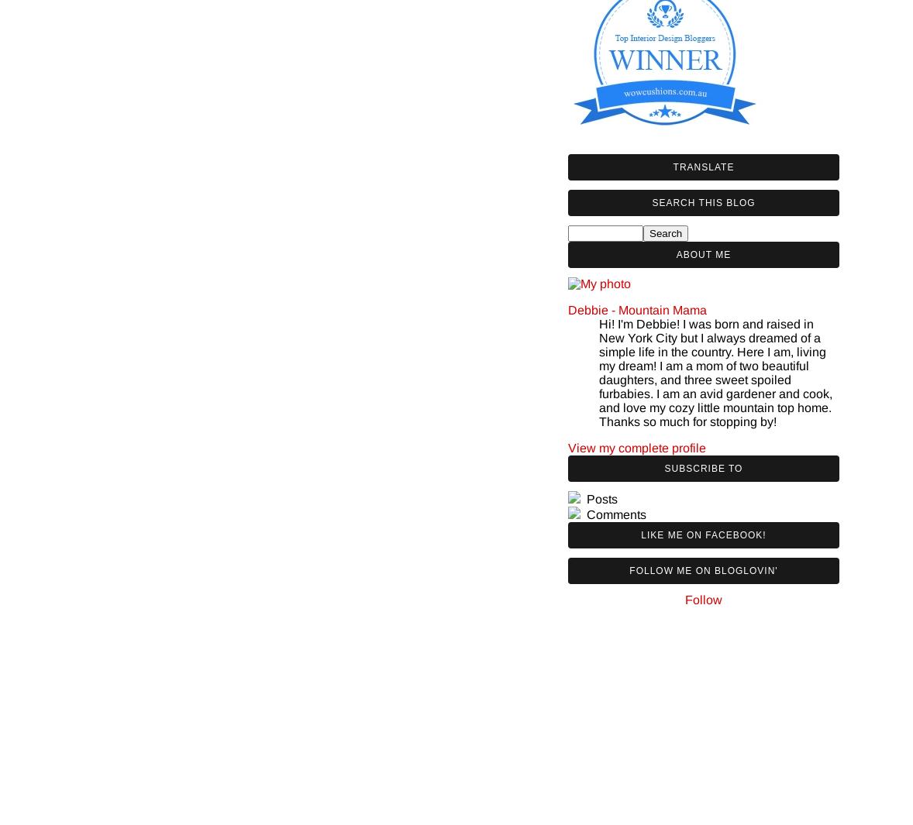  What do you see at coordinates (715, 371) in the screenshot?
I see `'Hi! I'm Debbie! I was born and raised in New York City but I always dreamed of a simple life in the country. Here I am, living my dream! I am a mom of two beautiful daughters, and three sweet spoiled furbabies. I am an avid gardener and cook, and love my cozy little mountain top home. Thanks so much for stopping by!'` at bounding box center [715, 371].